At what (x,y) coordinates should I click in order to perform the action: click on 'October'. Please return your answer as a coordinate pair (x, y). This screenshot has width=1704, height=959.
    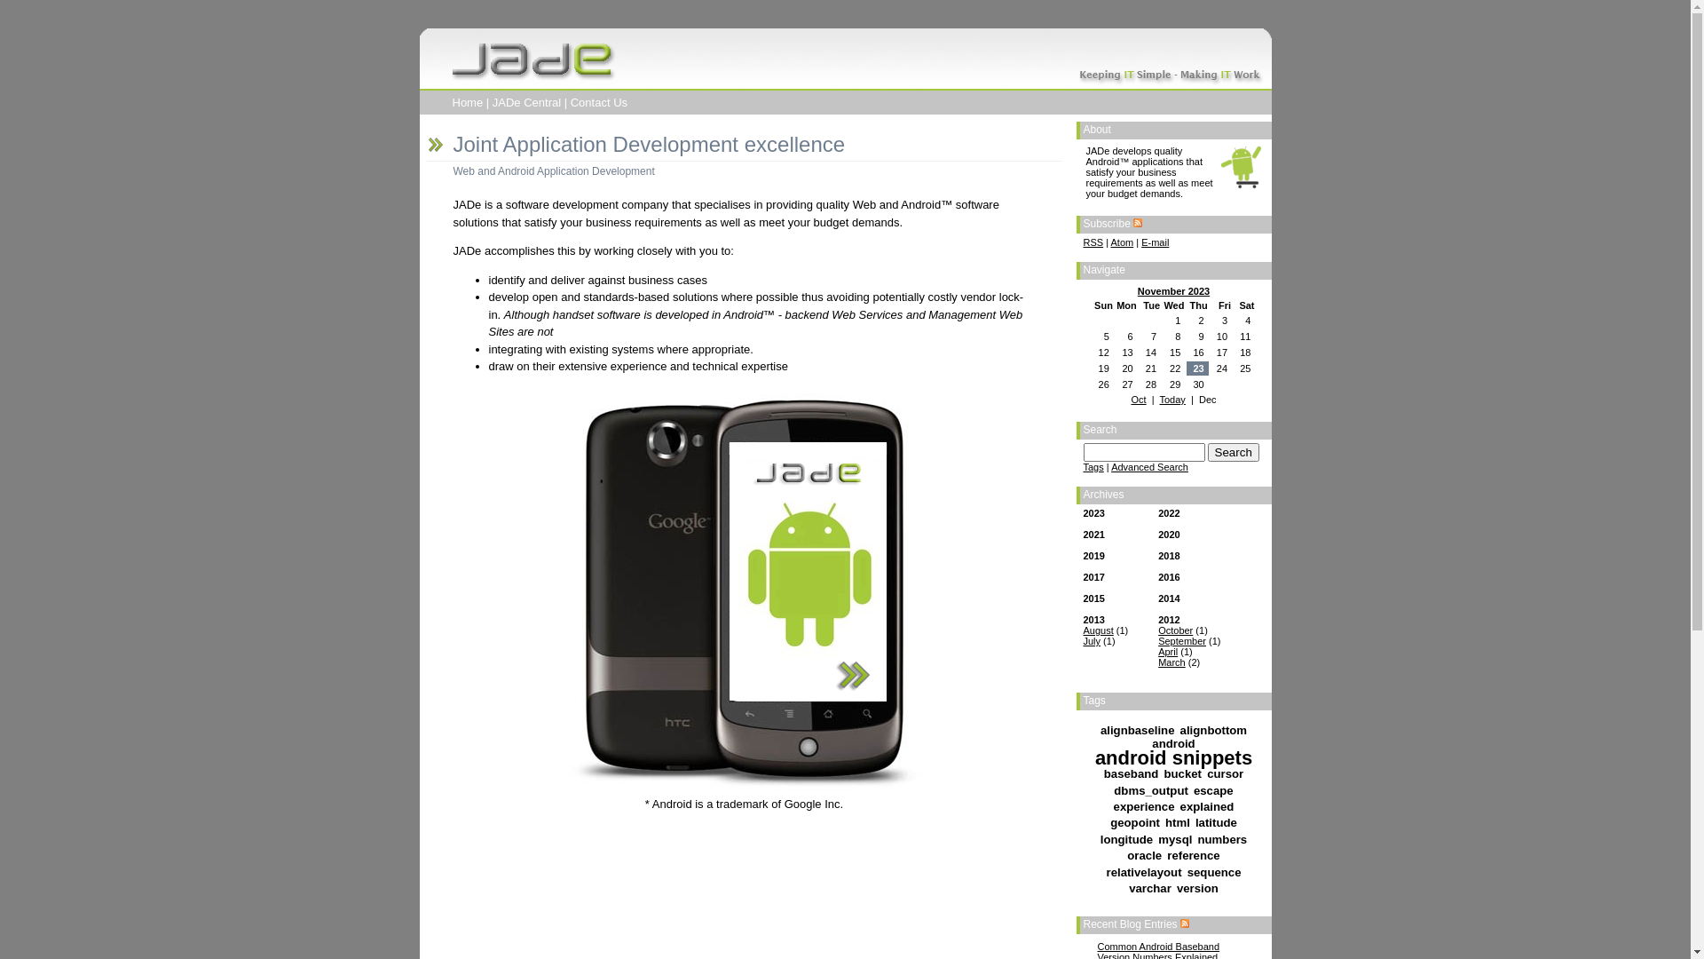
    Looking at the image, I should click on (1175, 629).